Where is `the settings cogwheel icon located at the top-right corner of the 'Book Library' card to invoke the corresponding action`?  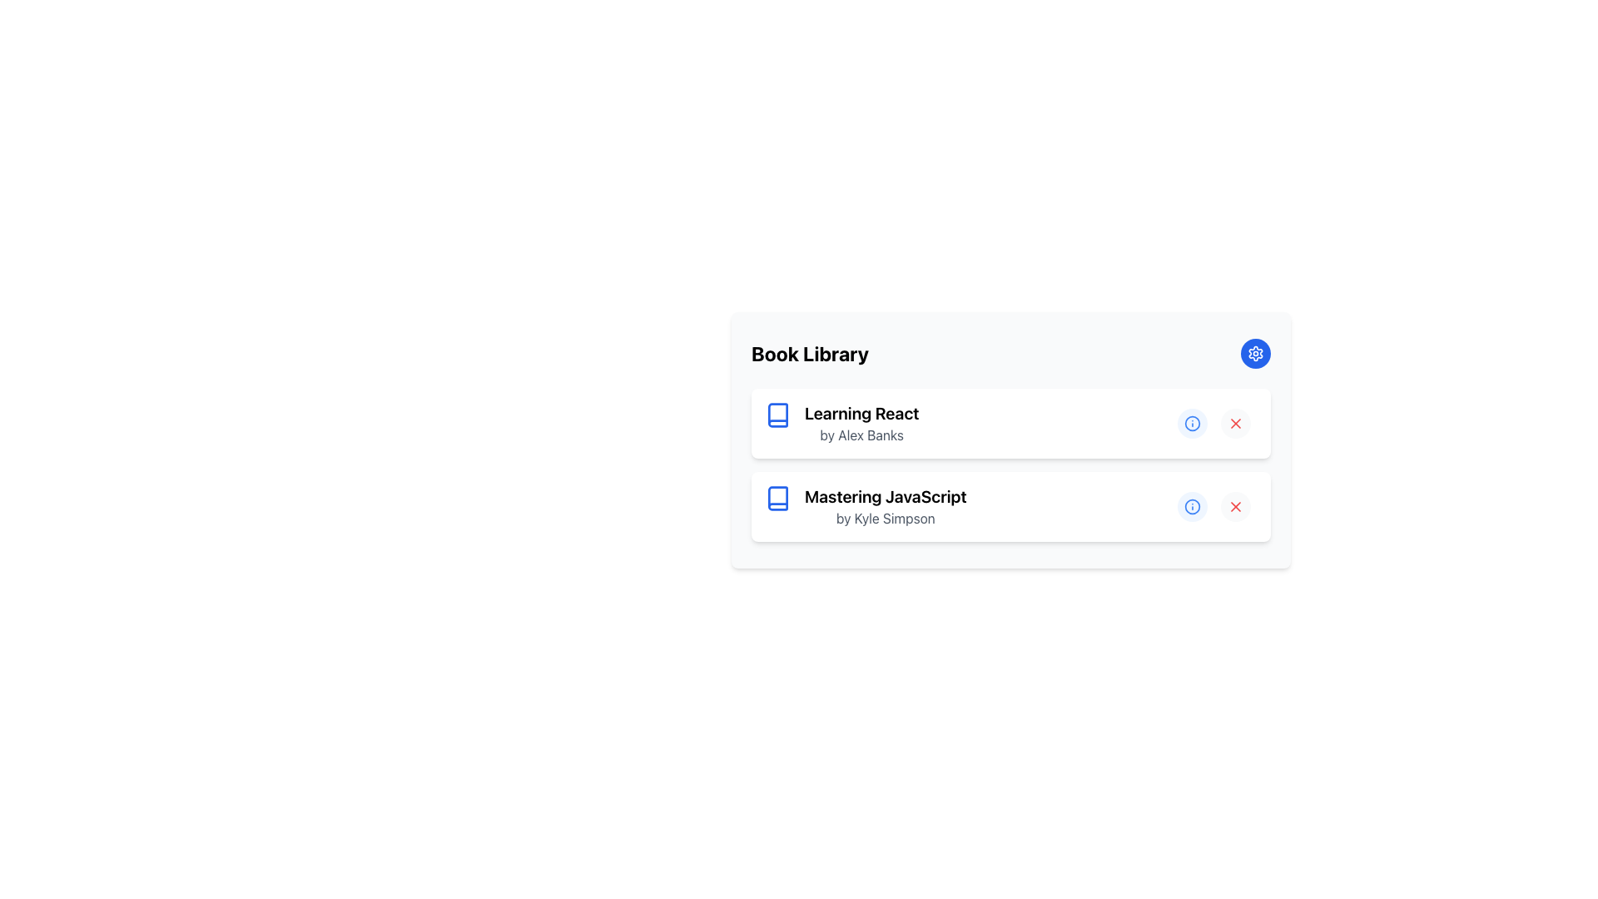 the settings cogwheel icon located at the top-right corner of the 'Book Library' card to invoke the corresponding action is located at coordinates (1255, 352).